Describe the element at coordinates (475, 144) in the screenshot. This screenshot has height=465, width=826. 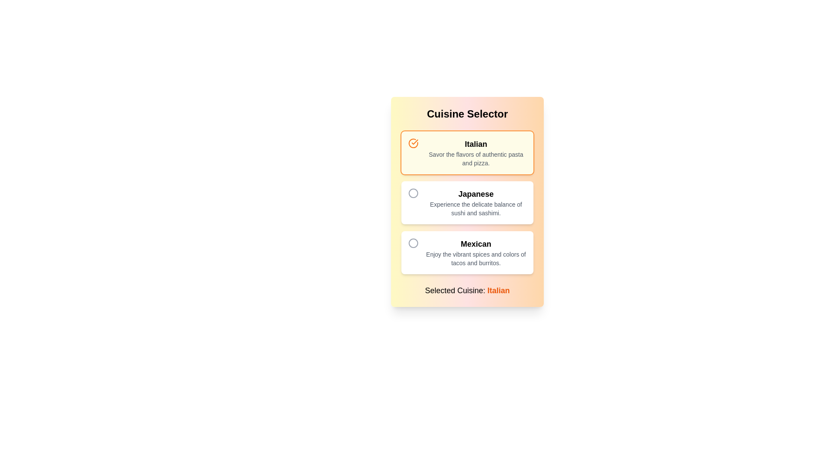
I see `text label that serves as the title for the 'Italian' cuisine option in the Cuisine Selector card, located at the top-left corner of the options panel` at that location.